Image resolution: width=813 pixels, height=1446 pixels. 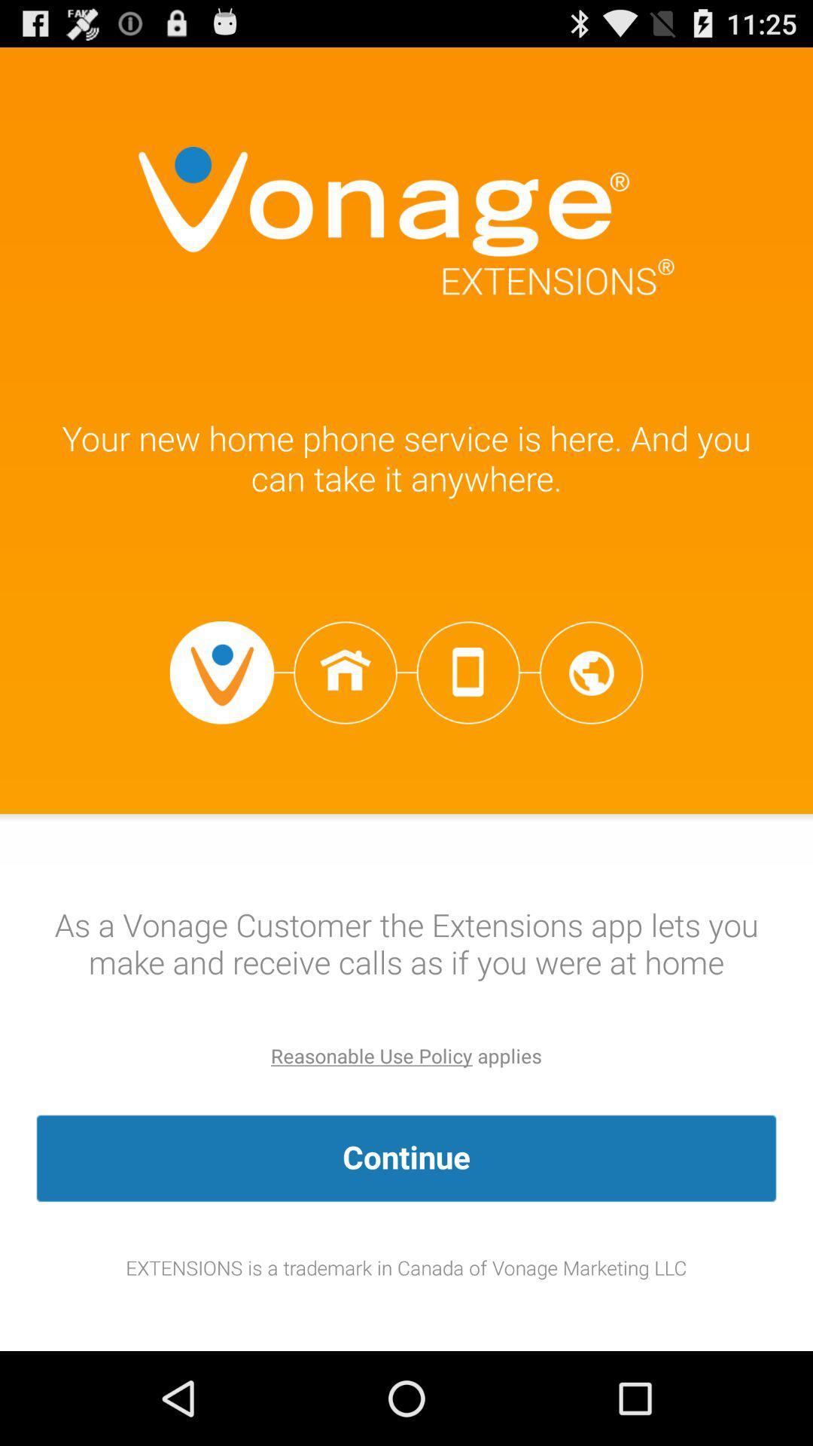 I want to click on reasonable use policy app, so click(x=371, y=1055).